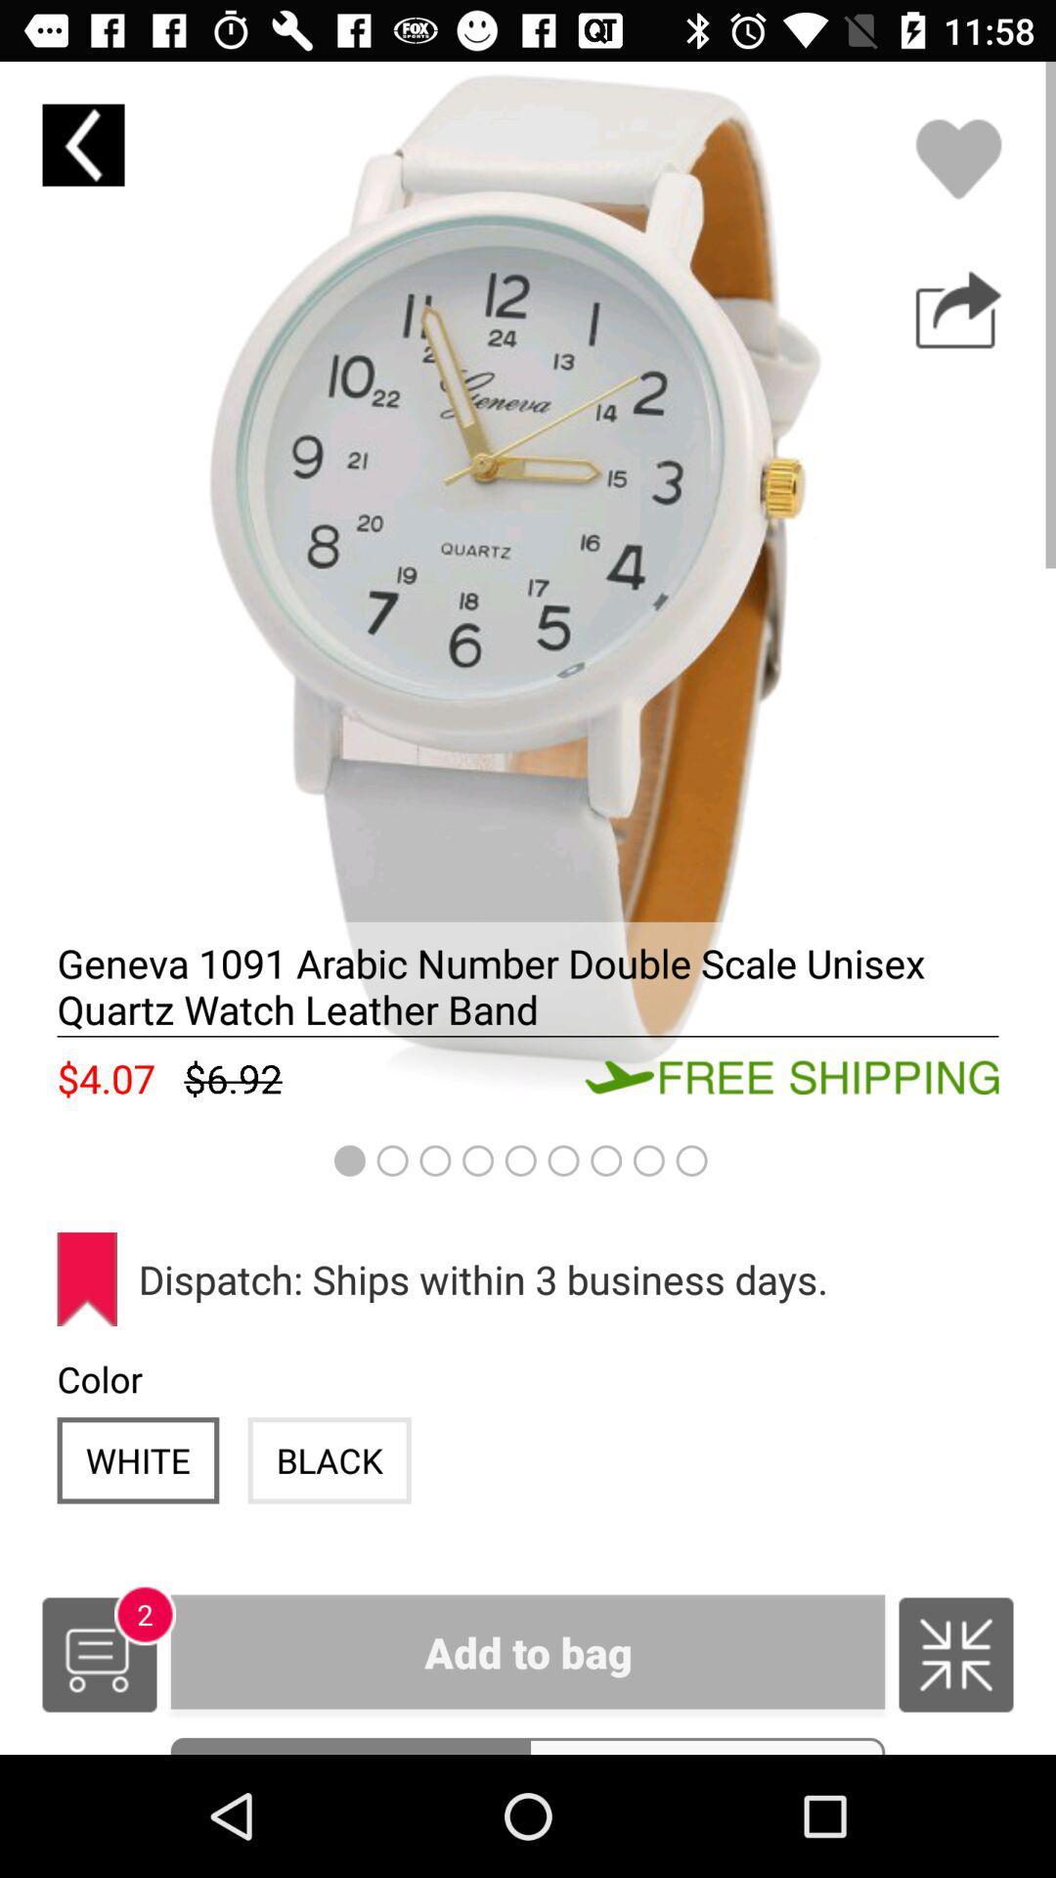 The height and width of the screenshot is (1878, 1056). I want to click on the item to the left of the sizes, so click(348, 1746).